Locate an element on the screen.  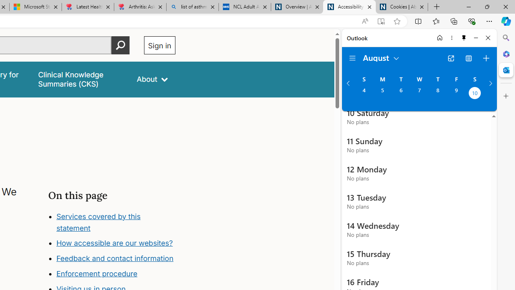
'Wednesday, August 7, 2024. ' is located at coordinates (419, 93).